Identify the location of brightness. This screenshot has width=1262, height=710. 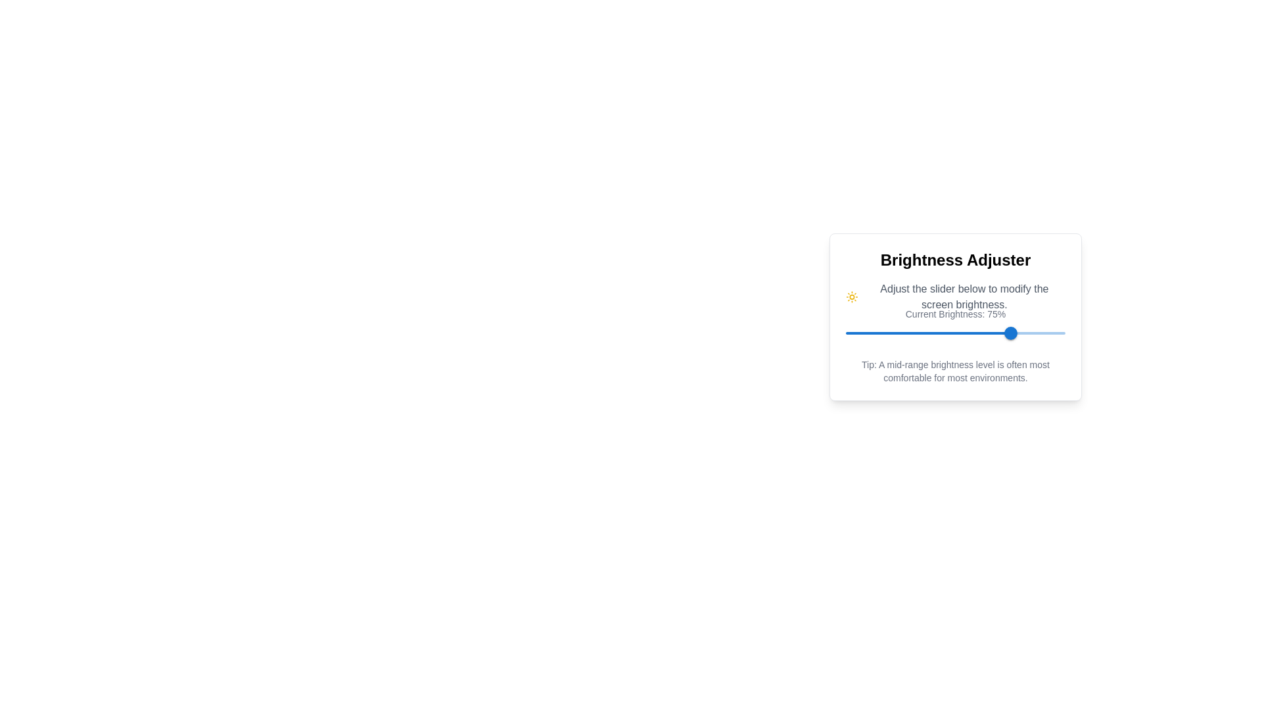
(956, 332).